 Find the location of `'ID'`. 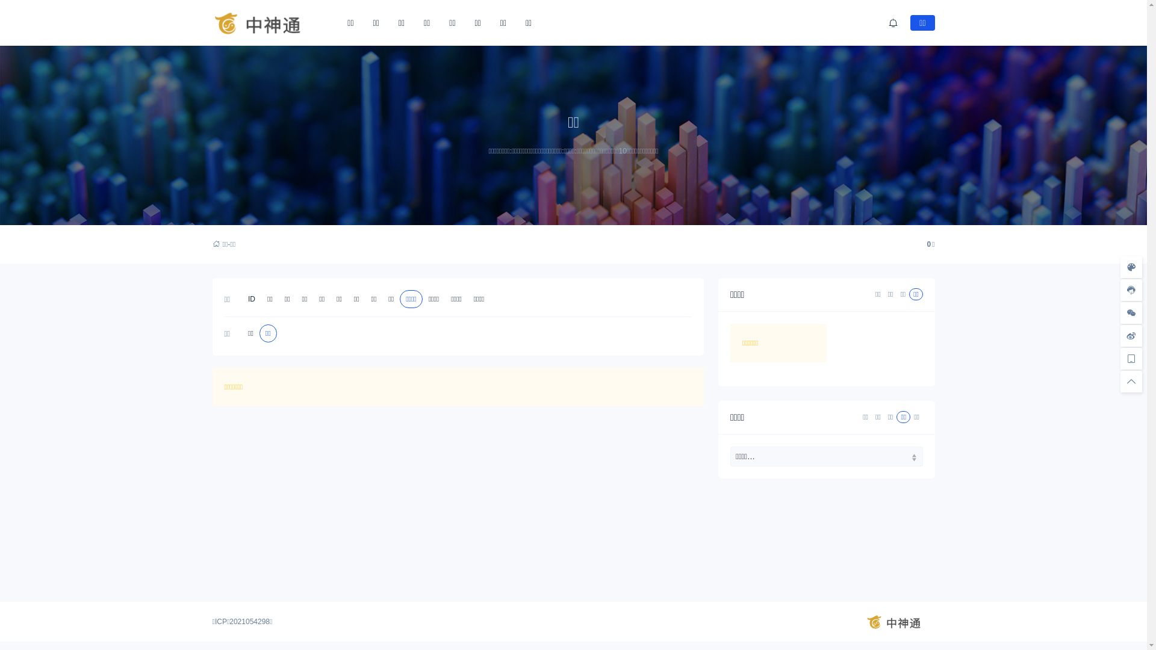

'ID' is located at coordinates (250, 299).